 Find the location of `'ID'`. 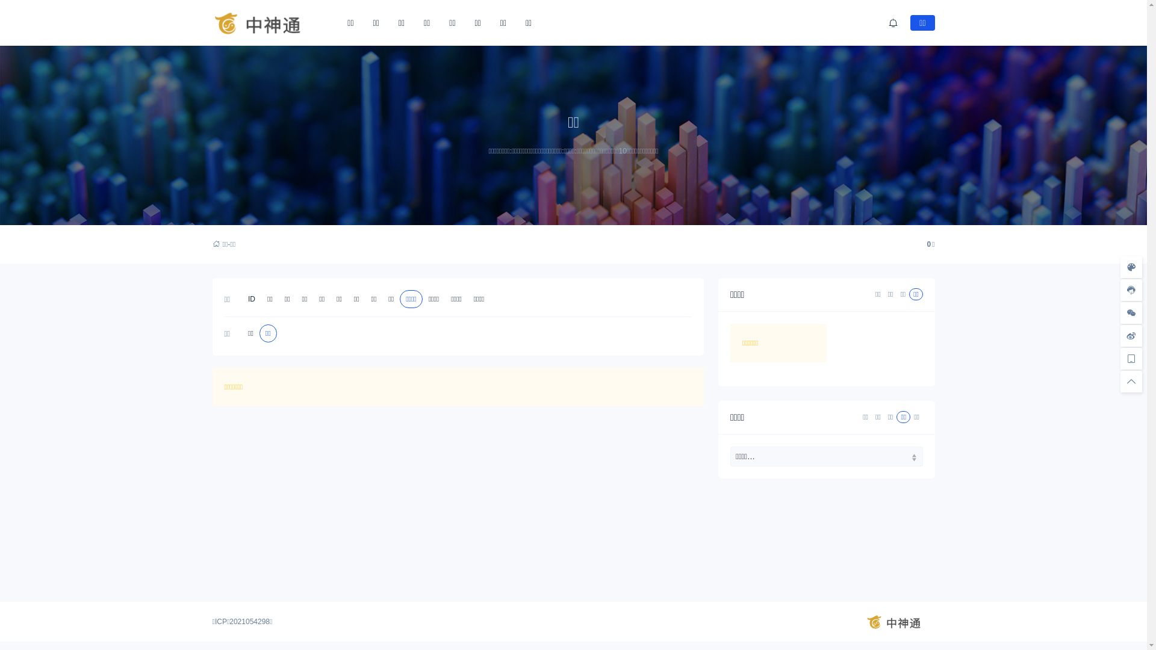

'ID' is located at coordinates (250, 299).